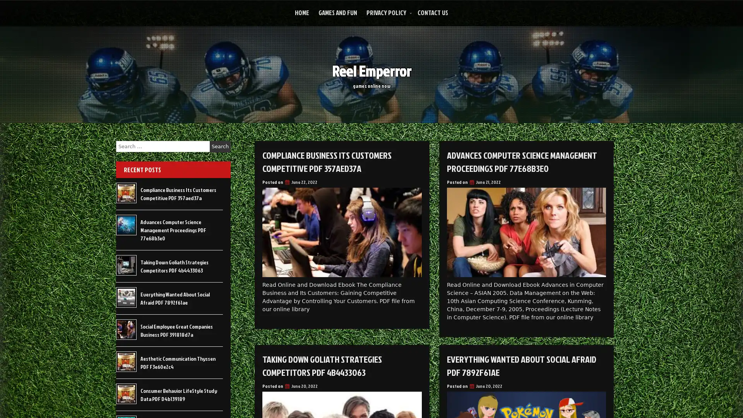 The height and width of the screenshot is (418, 743). What do you see at coordinates (220, 146) in the screenshot?
I see `Search` at bounding box center [220, 146].